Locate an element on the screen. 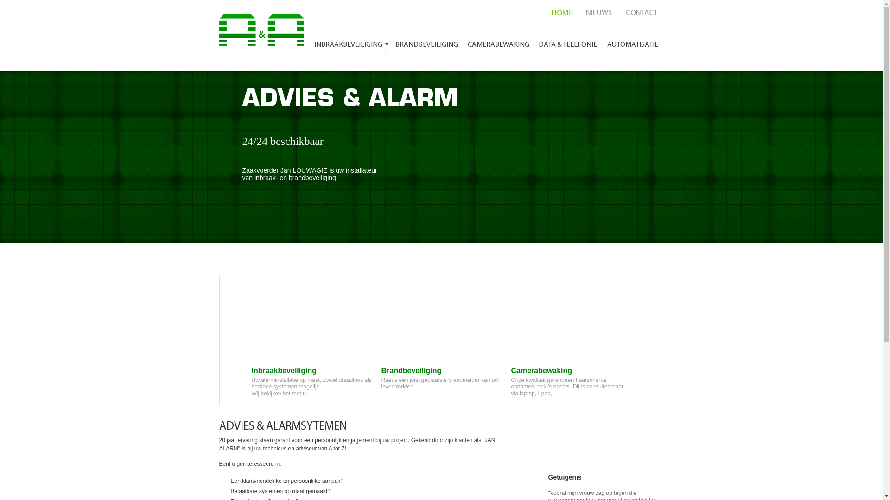 Image resolution: width=890 pixels, height=500 pixels. 'Meer Informatie' is located at coordinates (289, 220).